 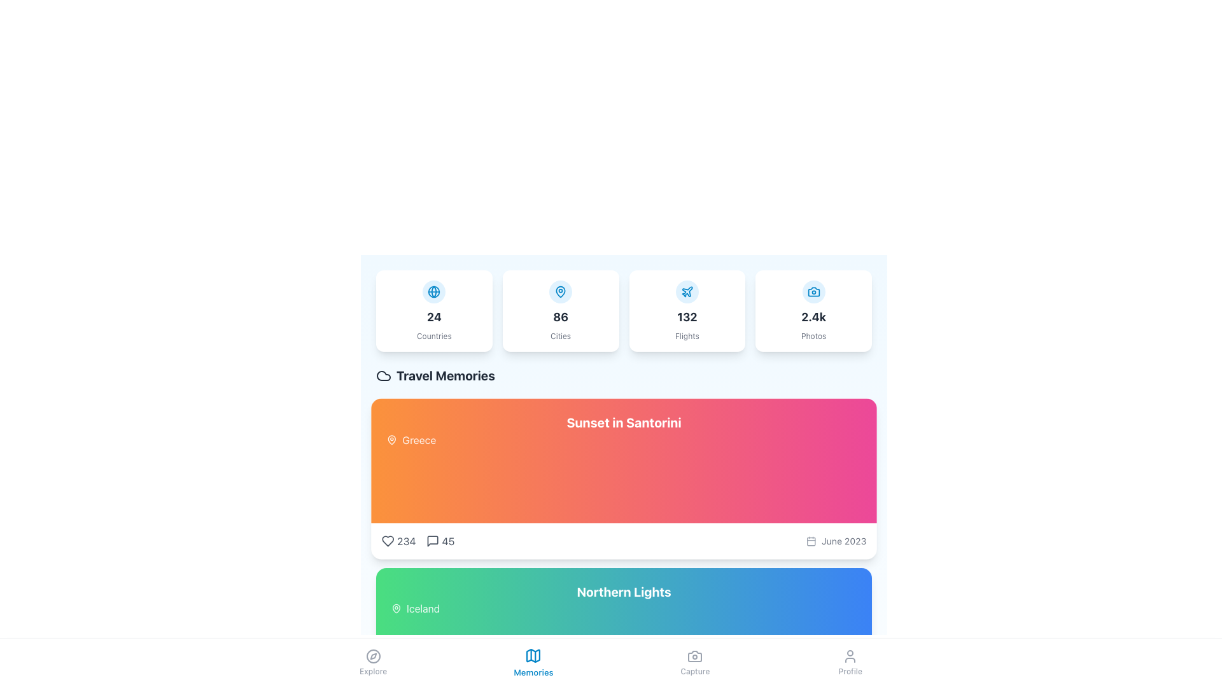 I want to click on the map pin icon located at the center of the green card labeled 'Iceland' for contextual information, so click(x=396, y=607).